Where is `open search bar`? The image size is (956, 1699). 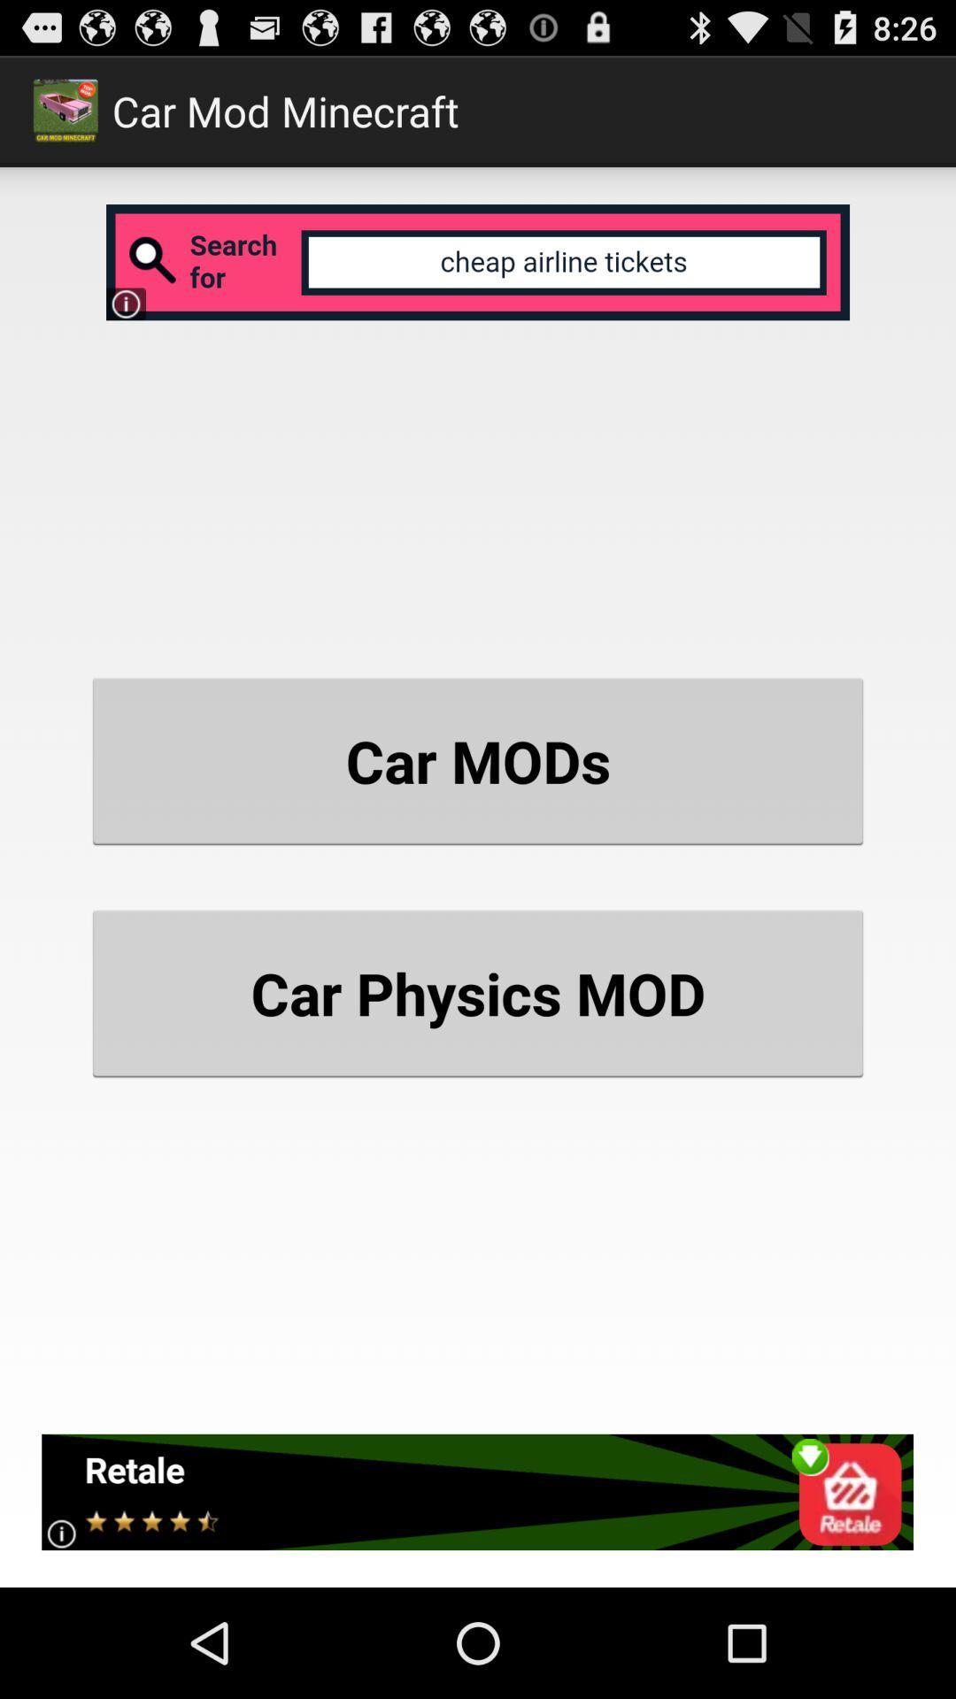
open search bar is located at coordinates (478, 261).